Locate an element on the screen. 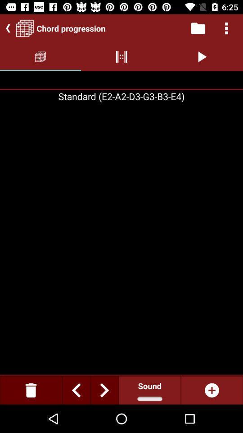 This screenshot has width=243, height=433. standard e2a2d3g3b3e4 on the page is located at coordinates (121, 96).